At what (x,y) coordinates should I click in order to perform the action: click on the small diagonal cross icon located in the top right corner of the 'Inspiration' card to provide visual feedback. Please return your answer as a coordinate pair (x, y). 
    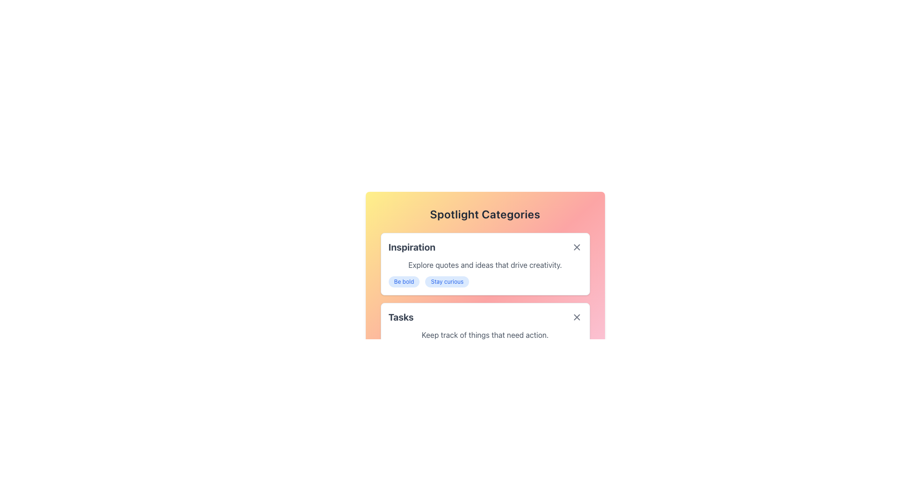
    Looking at the image, I should click on (576, 246).